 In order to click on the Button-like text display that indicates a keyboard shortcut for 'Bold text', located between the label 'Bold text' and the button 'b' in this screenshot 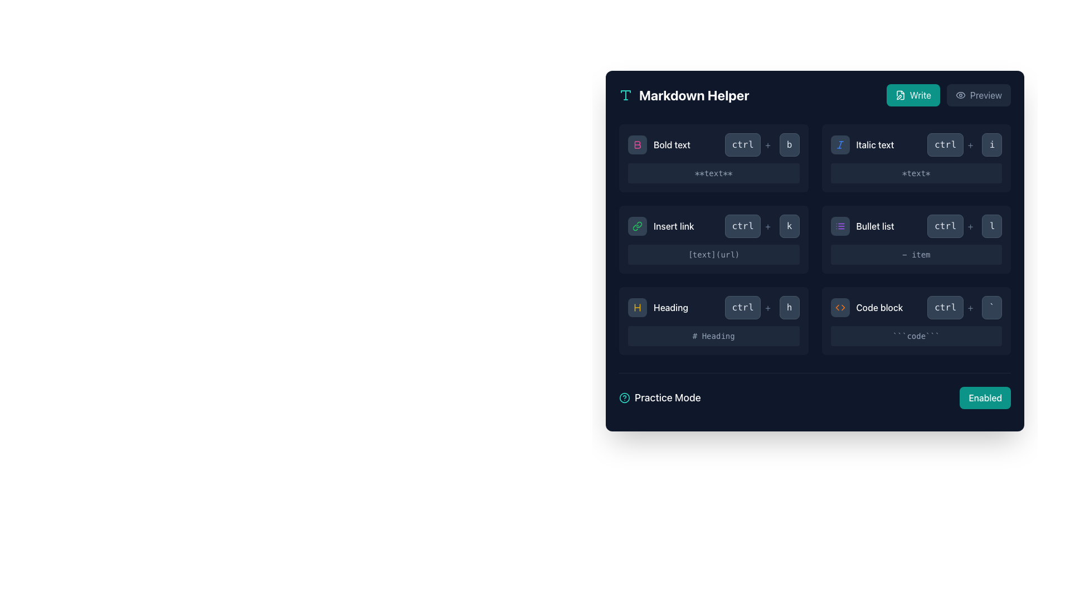, I will do `click(742, 144)`.